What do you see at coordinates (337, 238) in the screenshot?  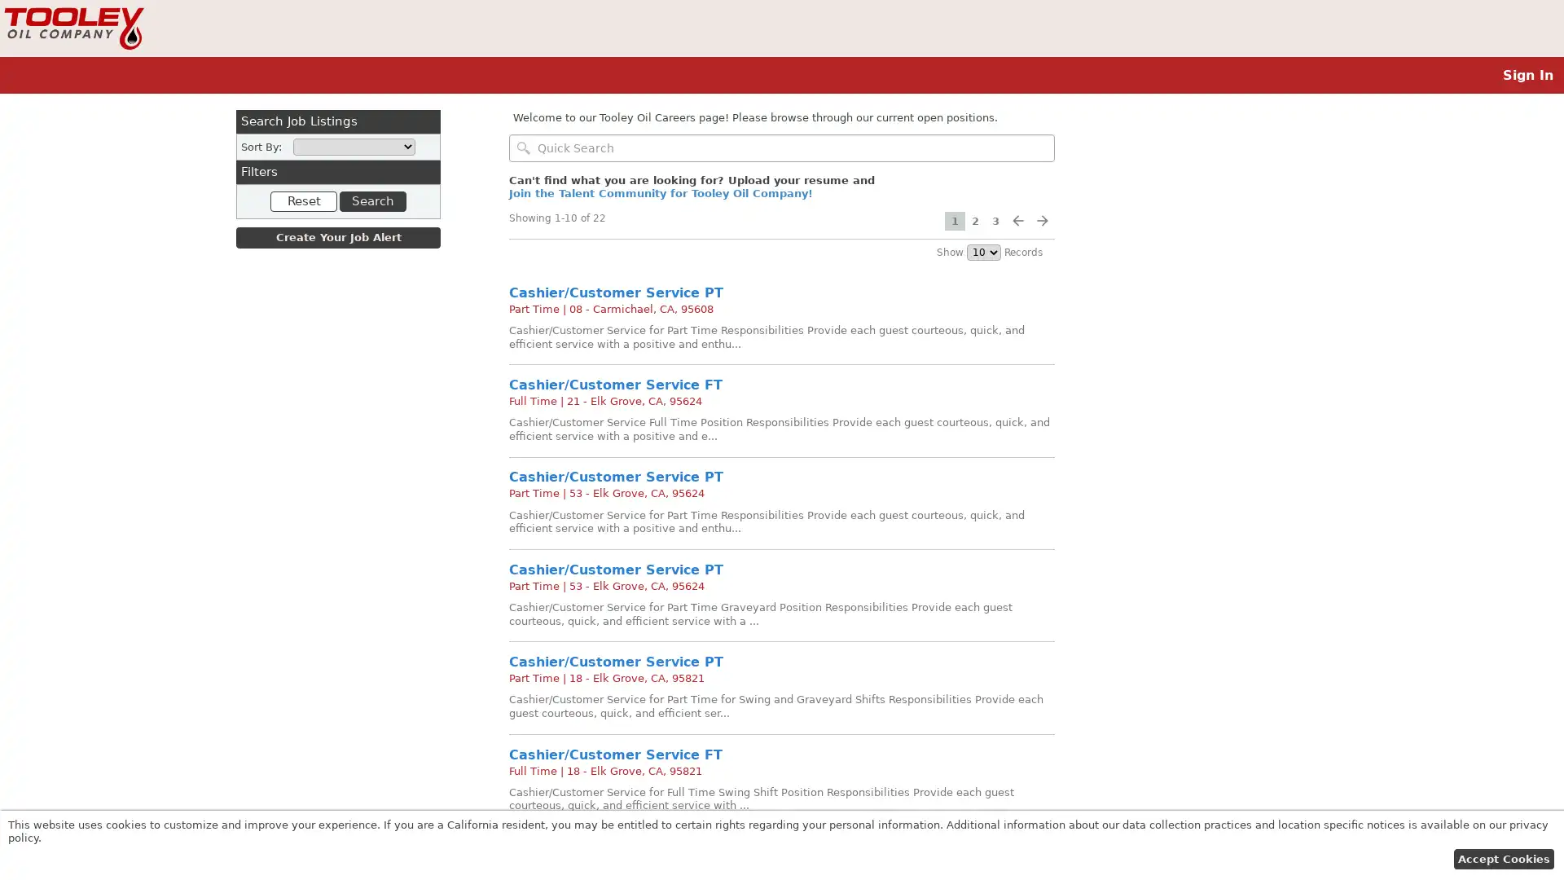 I see `Create Your Job Alert` at bounding box center [337, 238].